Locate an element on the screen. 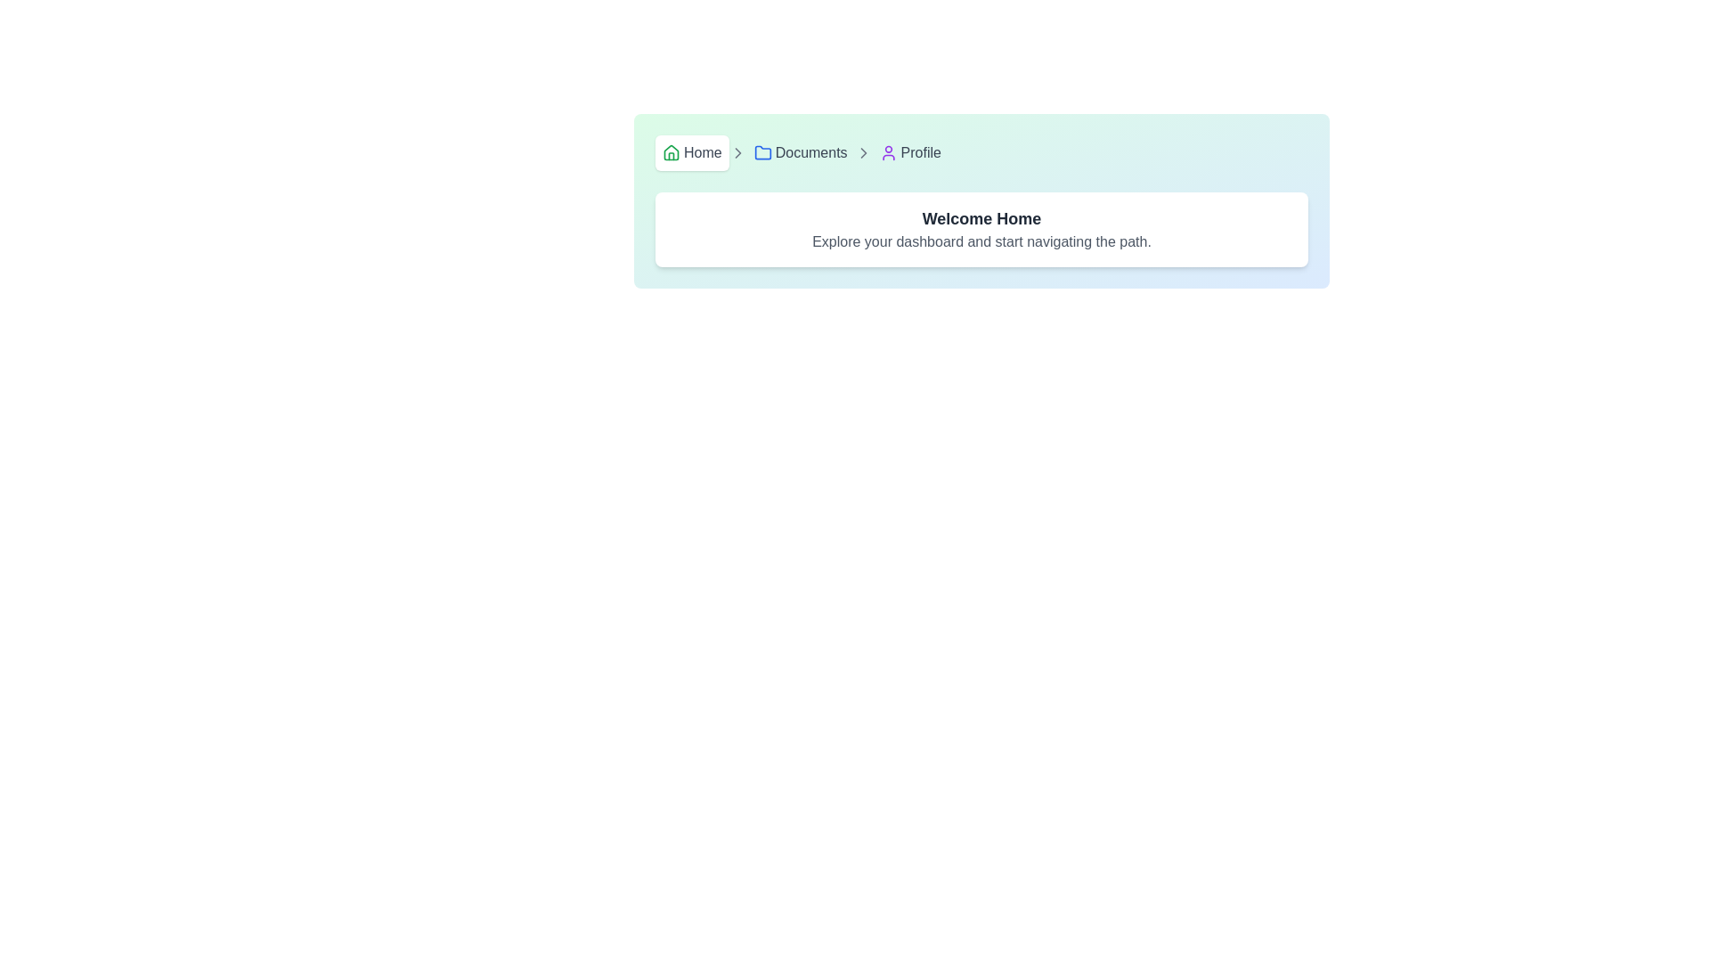  the rightward navigation arrow icon in the breadcrumb navigation section, located between 'Documents' and 'Profile' is located at coordinates (863, 152).